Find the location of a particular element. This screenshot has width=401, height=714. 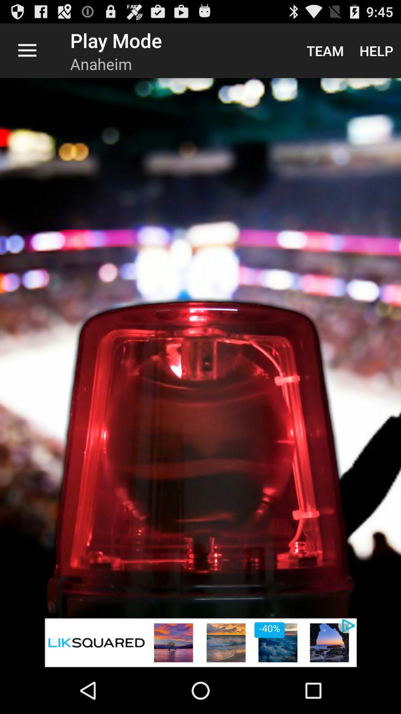

banner advertisement is located at coordinates (200, 642).